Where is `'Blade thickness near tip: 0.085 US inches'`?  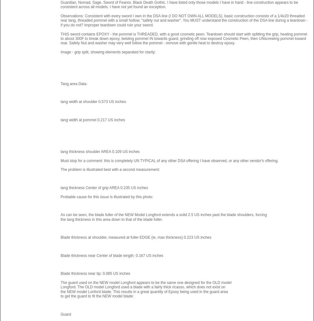 'Blade thickness near tip: 0.085 US inches' is located at coordinates (60, 274).